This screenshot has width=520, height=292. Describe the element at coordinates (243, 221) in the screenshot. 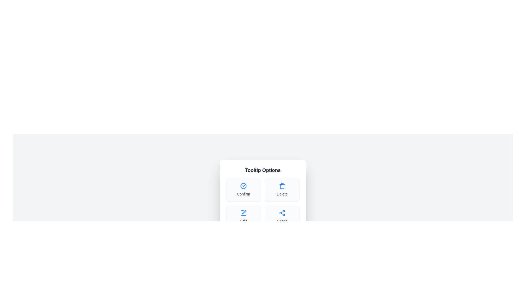

I see `the text label that describes the editing button located underneath the editing icon in the card-like structure` at that location.